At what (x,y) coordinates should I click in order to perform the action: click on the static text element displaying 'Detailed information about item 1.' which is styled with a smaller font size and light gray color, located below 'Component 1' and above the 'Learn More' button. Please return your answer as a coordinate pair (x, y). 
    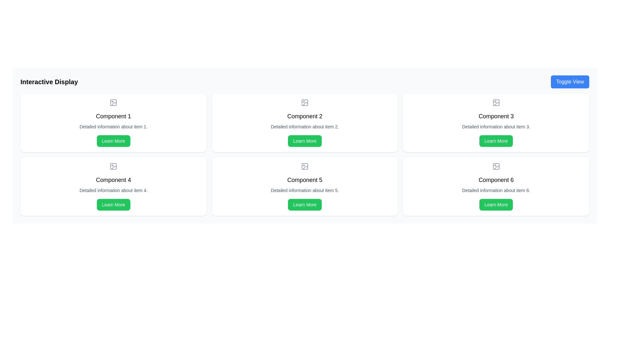
    Looking at the image, I should click on (113, 126).